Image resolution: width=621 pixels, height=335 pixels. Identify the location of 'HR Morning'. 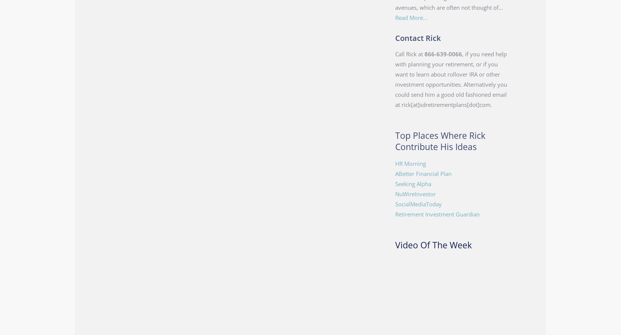
(394, 163).